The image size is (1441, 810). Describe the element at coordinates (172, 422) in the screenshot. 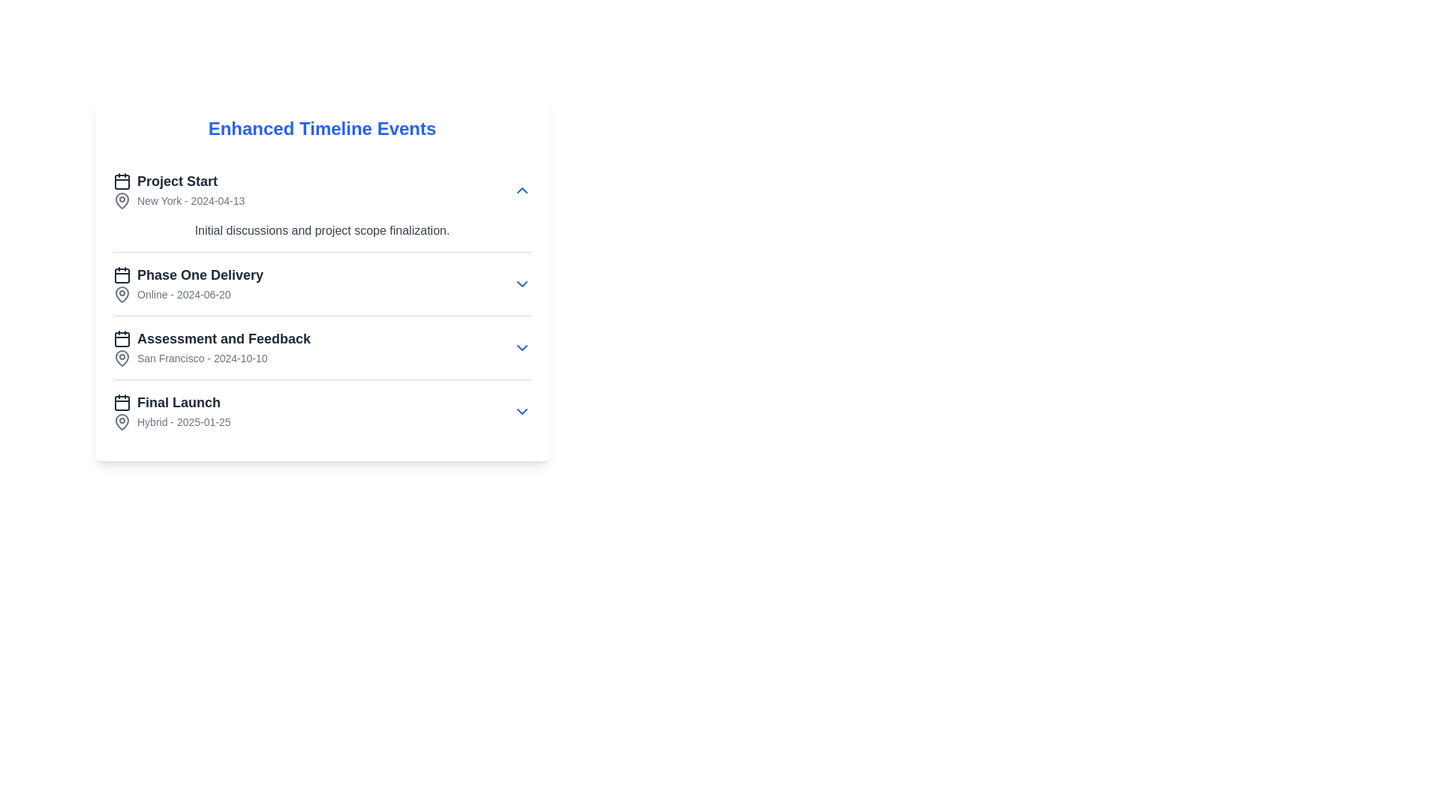

I see `displayed text from the Label located below the 'Final Launch' title in the 'Enhanced Timeline Events' section, which is the last element pertaining to the 'Final Launch' event` at that location.